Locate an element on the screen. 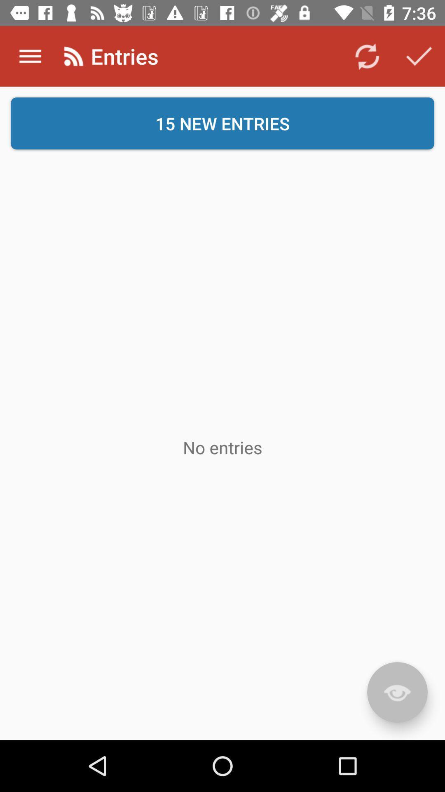 Image resolution: width=445 pixels, height=792 pixels. item at the center is located at coordinates (222, 447).